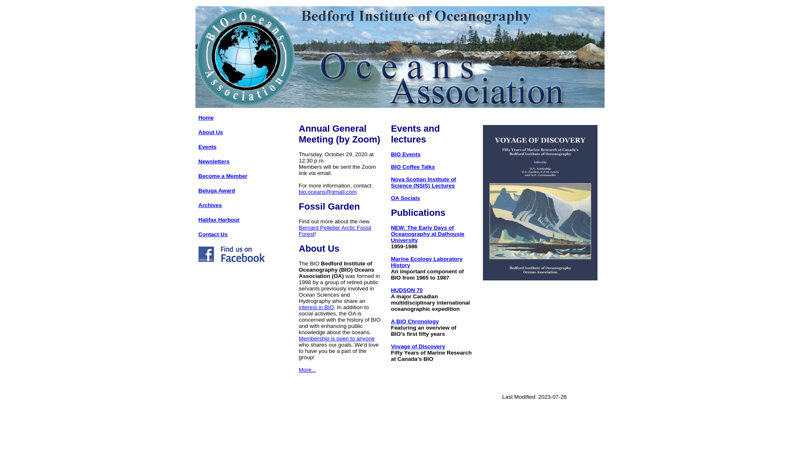 This screenshot has height=450, width=800. Describe the element at coordinates (210, 205) in the screenshot. I see `'Archives'` at that location.